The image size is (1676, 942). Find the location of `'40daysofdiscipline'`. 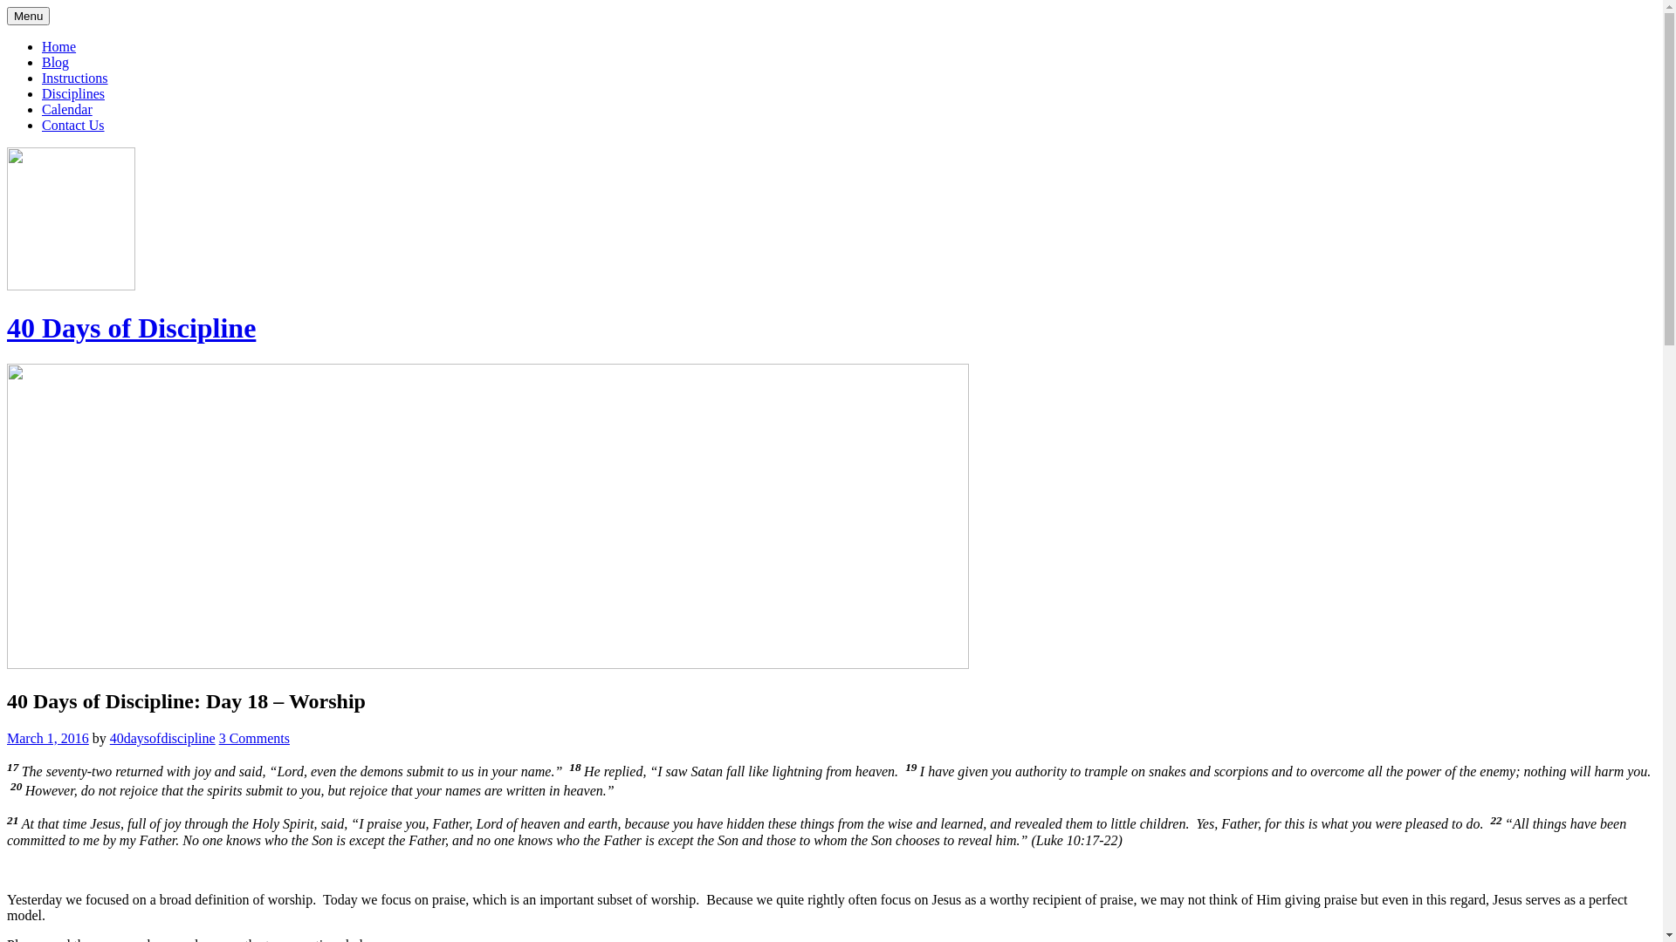

'40daysofdiscipline' is located at coordinates (162, 738).